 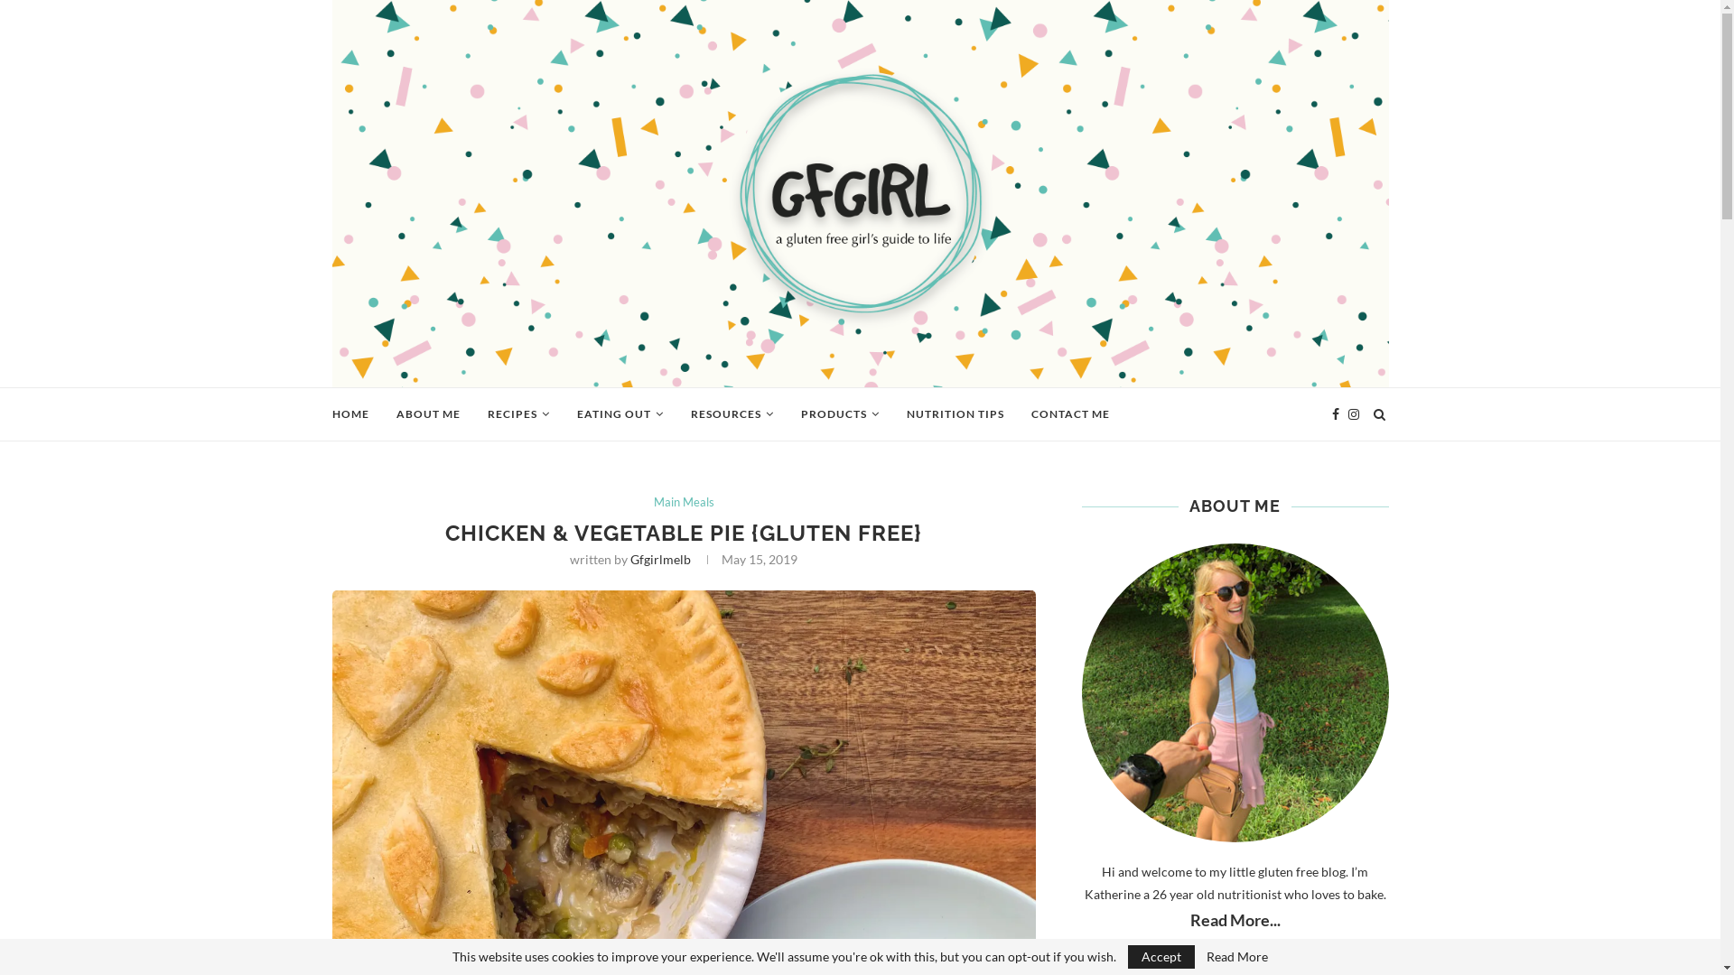 I want to click on 'CONTACT ME', so click(x=1070, y=414).